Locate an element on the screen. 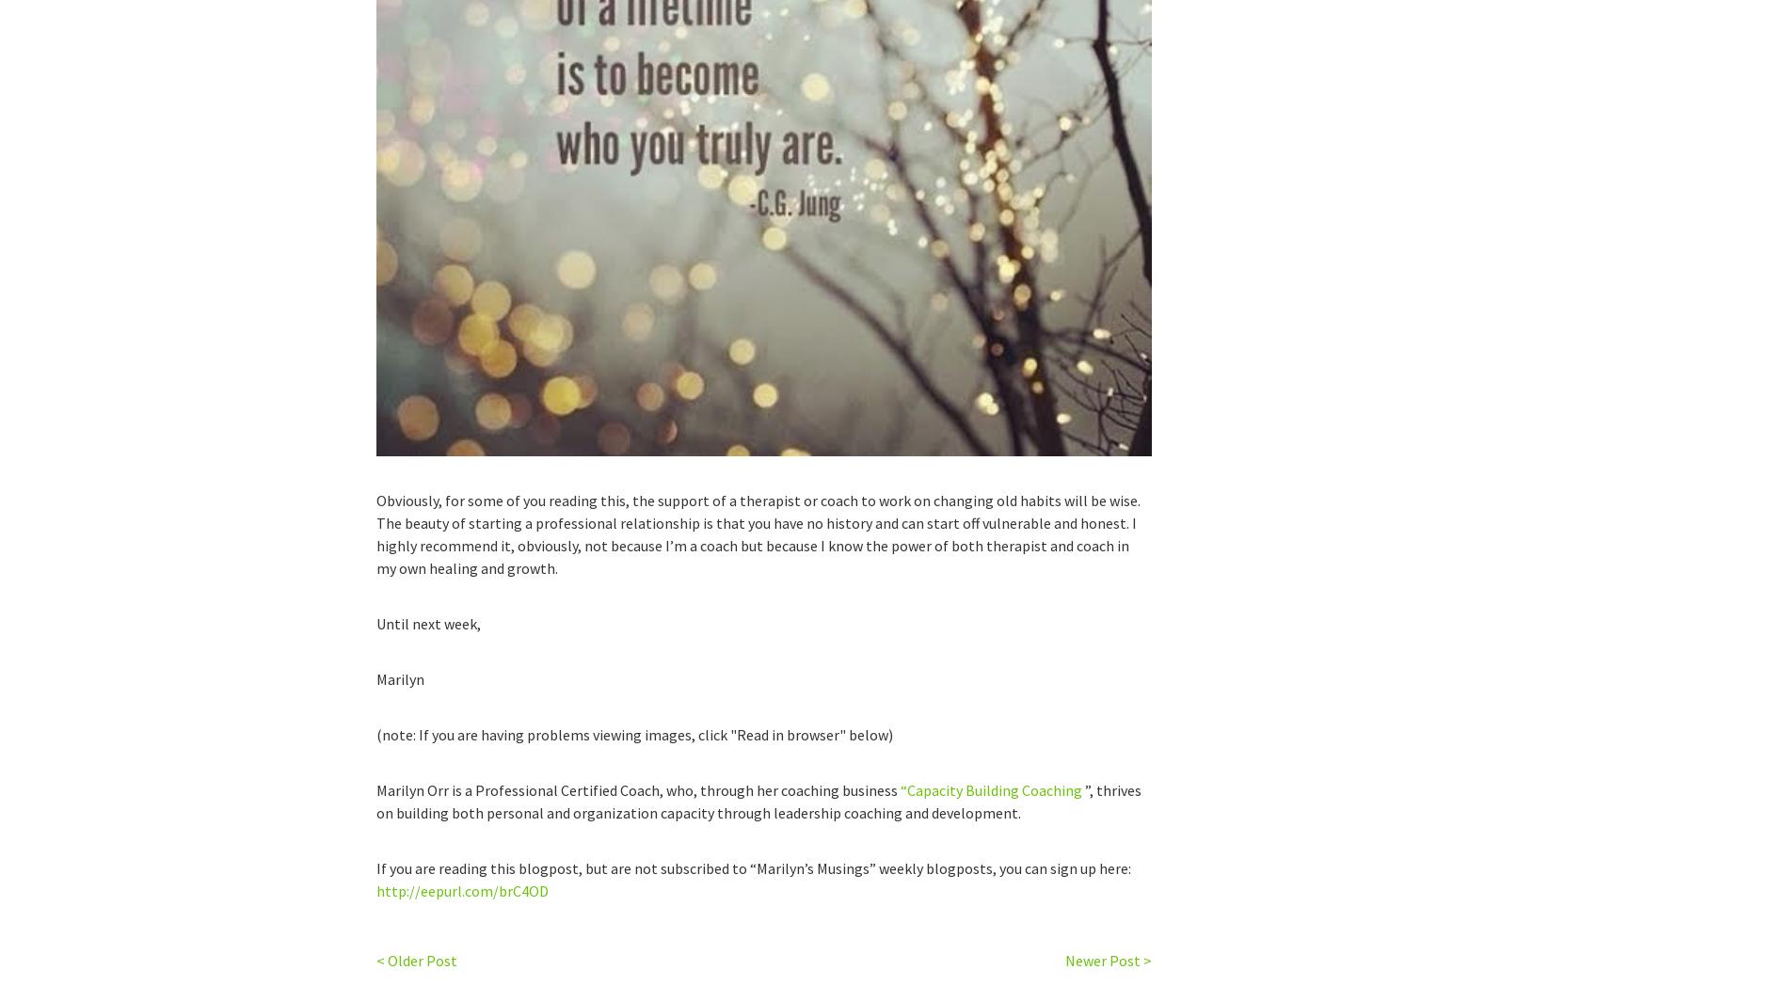  'Obviously, for some of you reading this, the support of a therapist or coach to work on changing old habits will be wise. The beauty of starting a professional relationship is that you have no history and can start off vulnerable and honest. I highly recommend it, obviously, not because I’m a coach but because I know the power of both therapist and coach in my own healing and growth.' is located at coordinates (757, 533).